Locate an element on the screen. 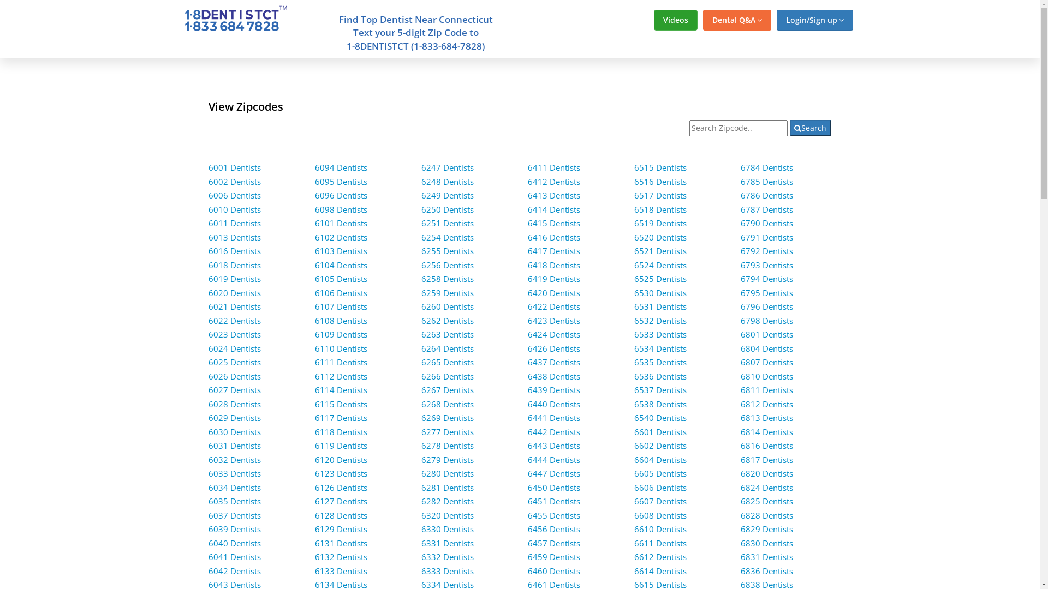 Image resolution: width=1048 pixels, height=589 pixels. '6517 Dentists' is located at coordinates (634, 195).